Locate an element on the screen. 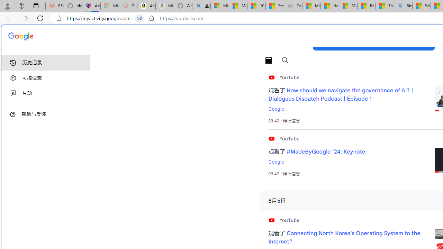 This screenshot has height=249, width=443. 'Science - MSN' is located at coordinates (421, 6).